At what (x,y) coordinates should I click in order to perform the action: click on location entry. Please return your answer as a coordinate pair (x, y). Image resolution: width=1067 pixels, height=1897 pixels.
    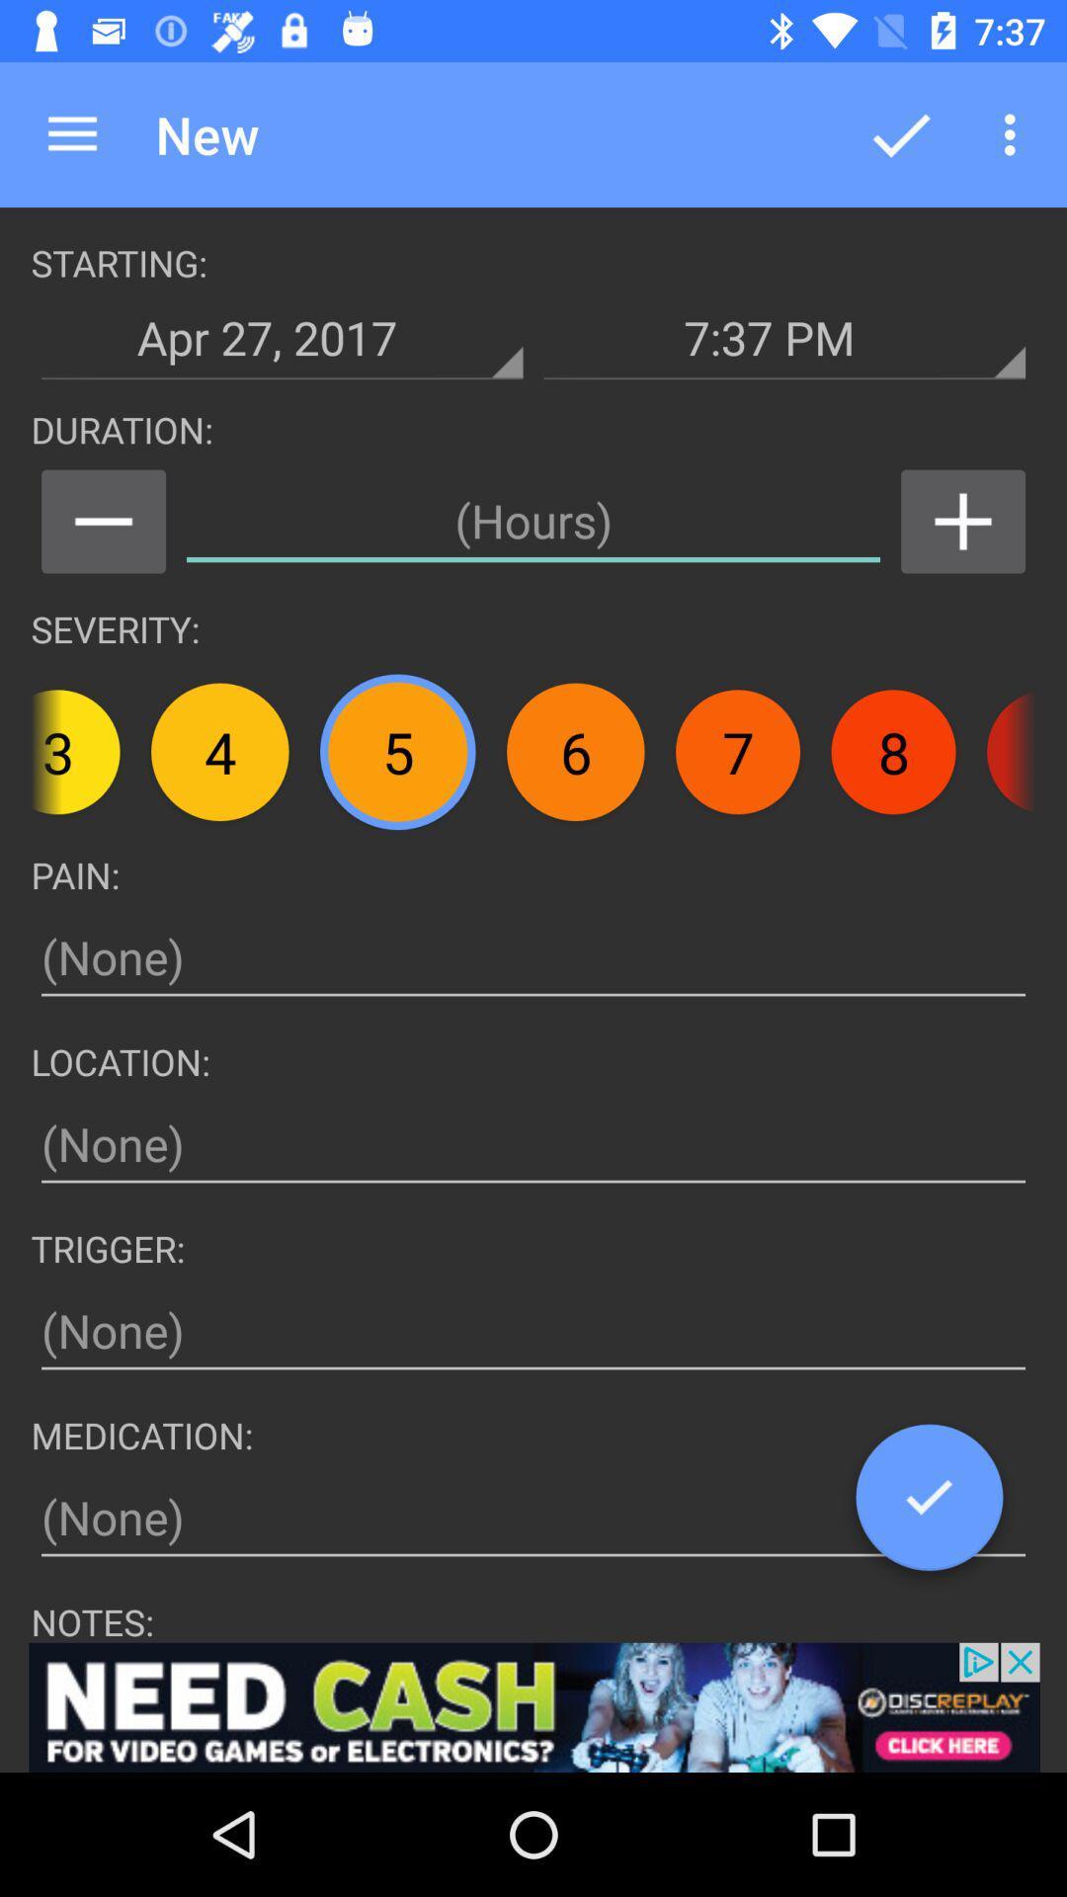
    Looking at the image, I should click on (533, 1144).